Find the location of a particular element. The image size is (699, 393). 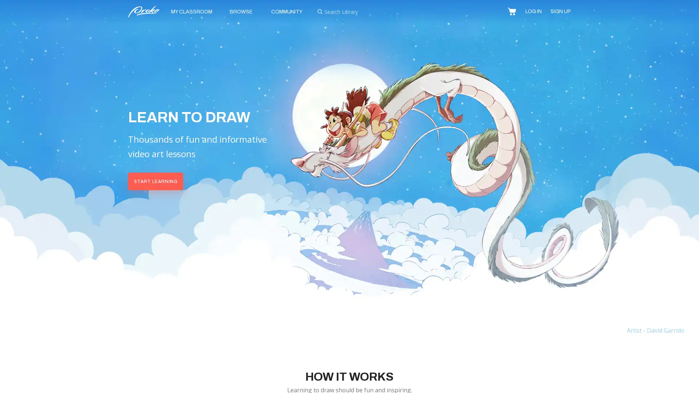

START LEARNING is located at coordinates (155, 180).